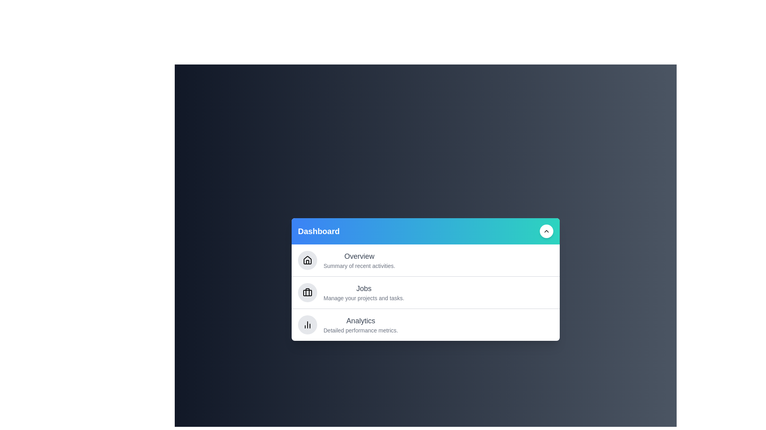 The width and height of the screenshot is (766, 430). Describe the element at coordinates (359, 256) in the screenshot. I see `the text content of the section titled Overview` at that location.